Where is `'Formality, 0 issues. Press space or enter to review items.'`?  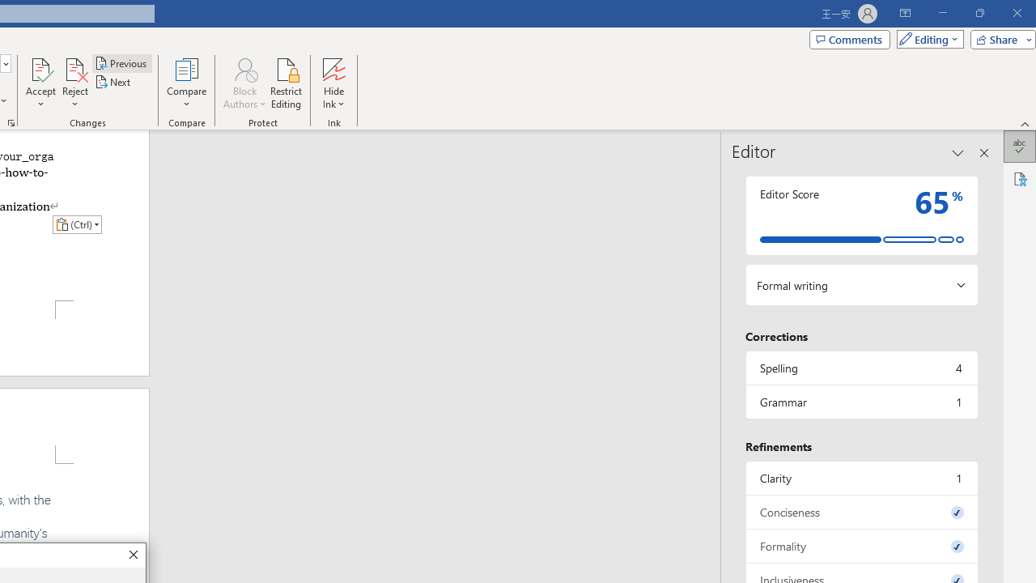
'Formality, 0 issues. Press space or enter to review items.' is located at coordinates (860, 546).